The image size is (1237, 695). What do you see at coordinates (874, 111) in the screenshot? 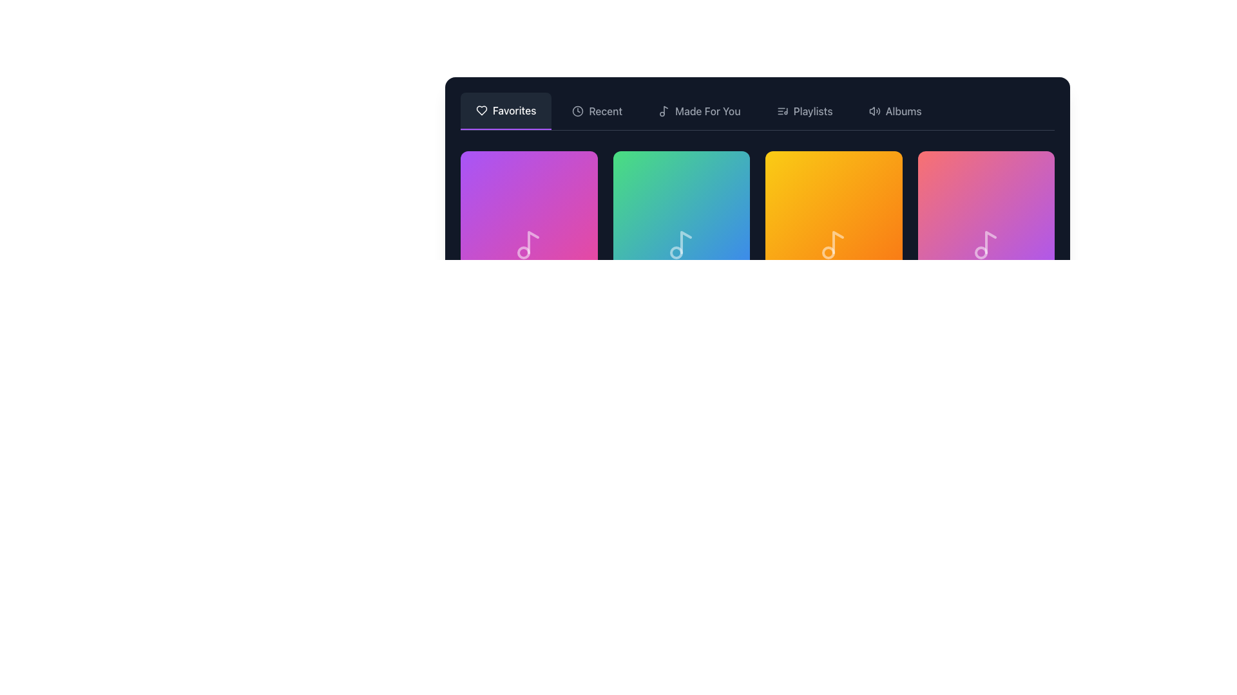
I see `the 'Albums' menu option, which is represented by a speaker icon with sound waves and is located at the rightmost position in the horizontal list of menu options` at bounding box center [874, 111].